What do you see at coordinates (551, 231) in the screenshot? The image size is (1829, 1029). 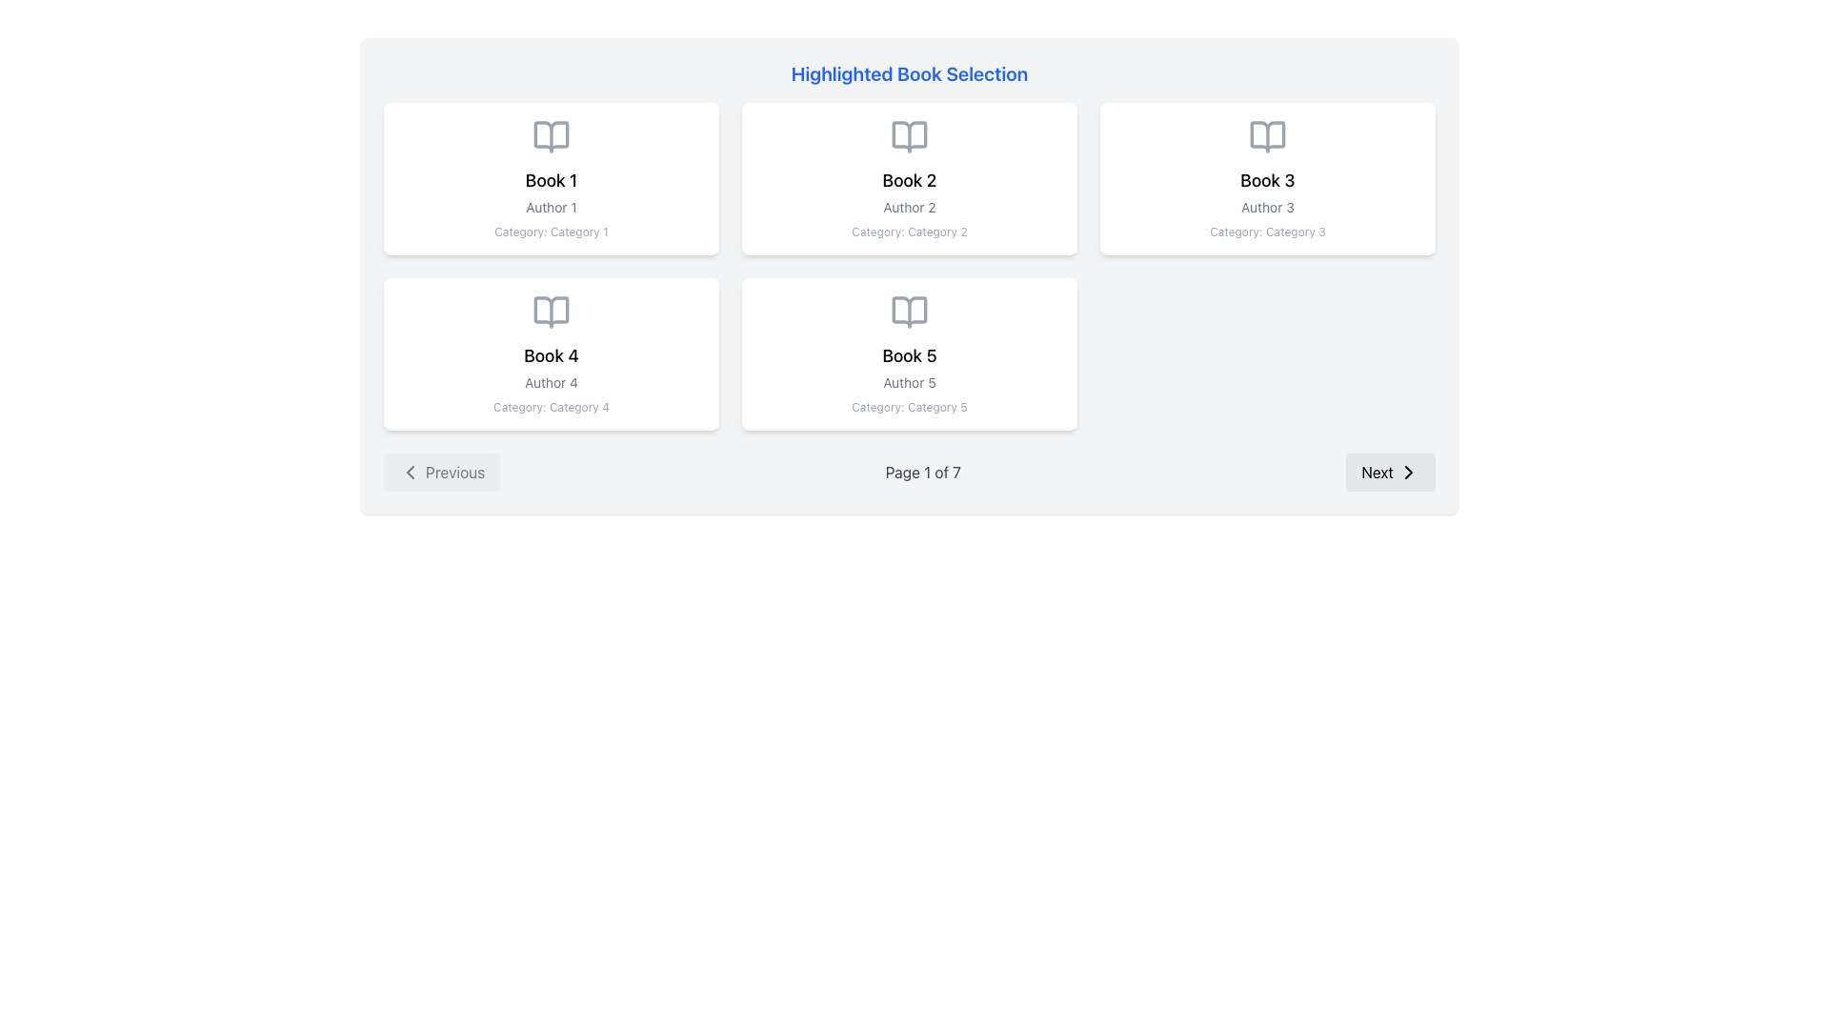 I see `the Text Label located below the 'Book 1' and 'Author 1' text elements, which serves as a categorical label for the associated book entry` at bounding box center [551, 231].